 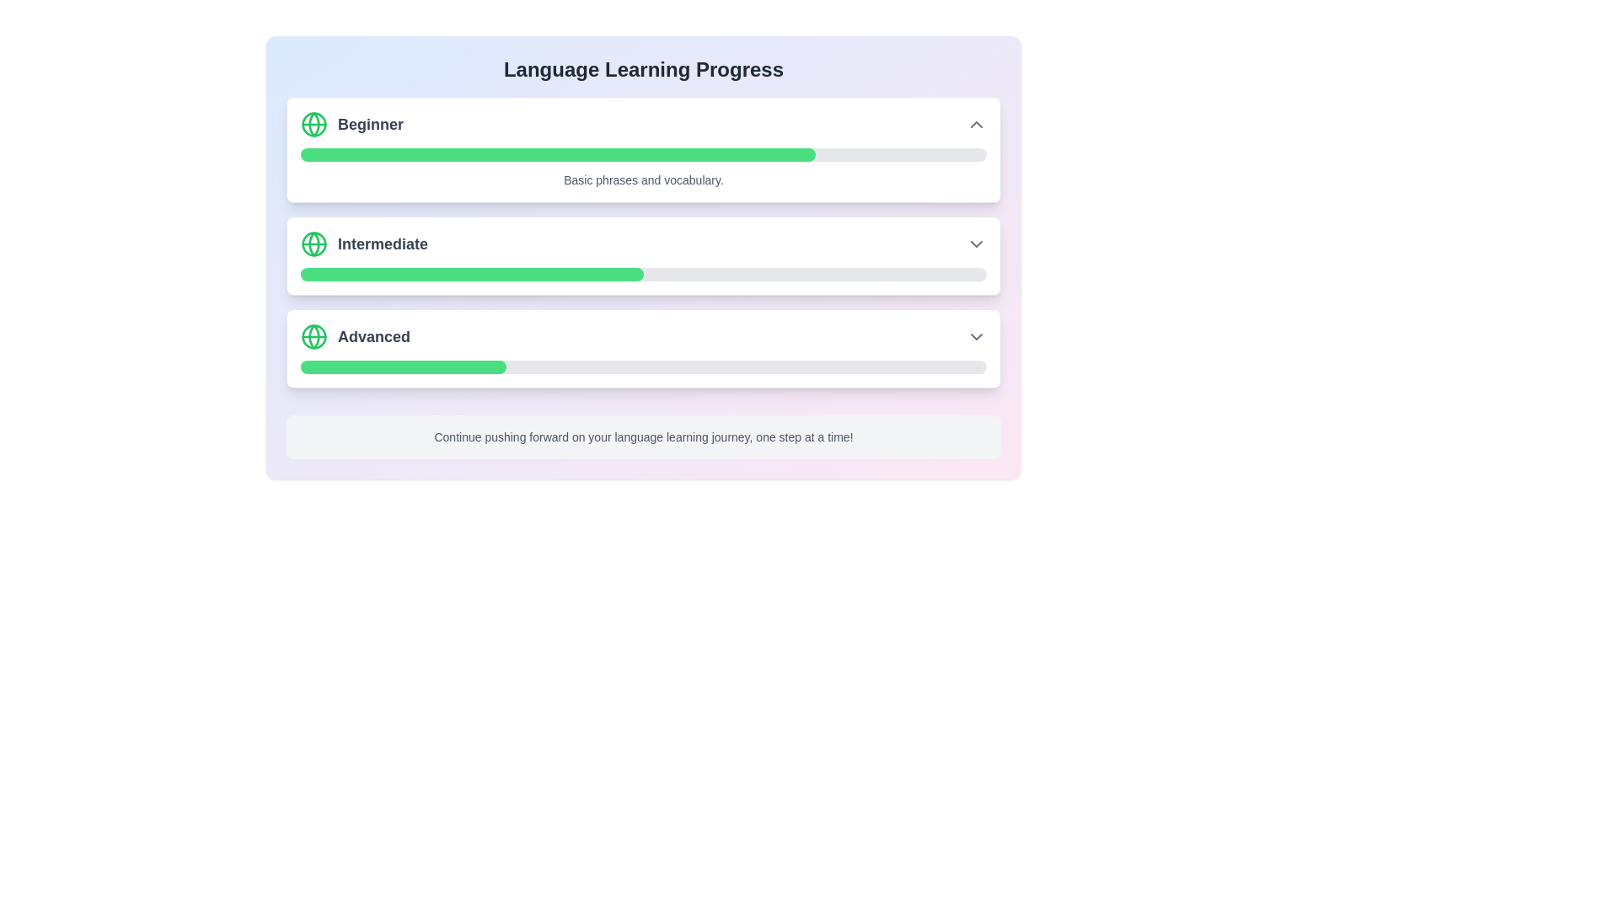 What do you see at coordinates (642, 274) in the screenshot?
I see `the progress bar located in the 'Intermediate' section, directly below the 'Intermediate' title and above any descriptive text` at bounding box center [642, 274].